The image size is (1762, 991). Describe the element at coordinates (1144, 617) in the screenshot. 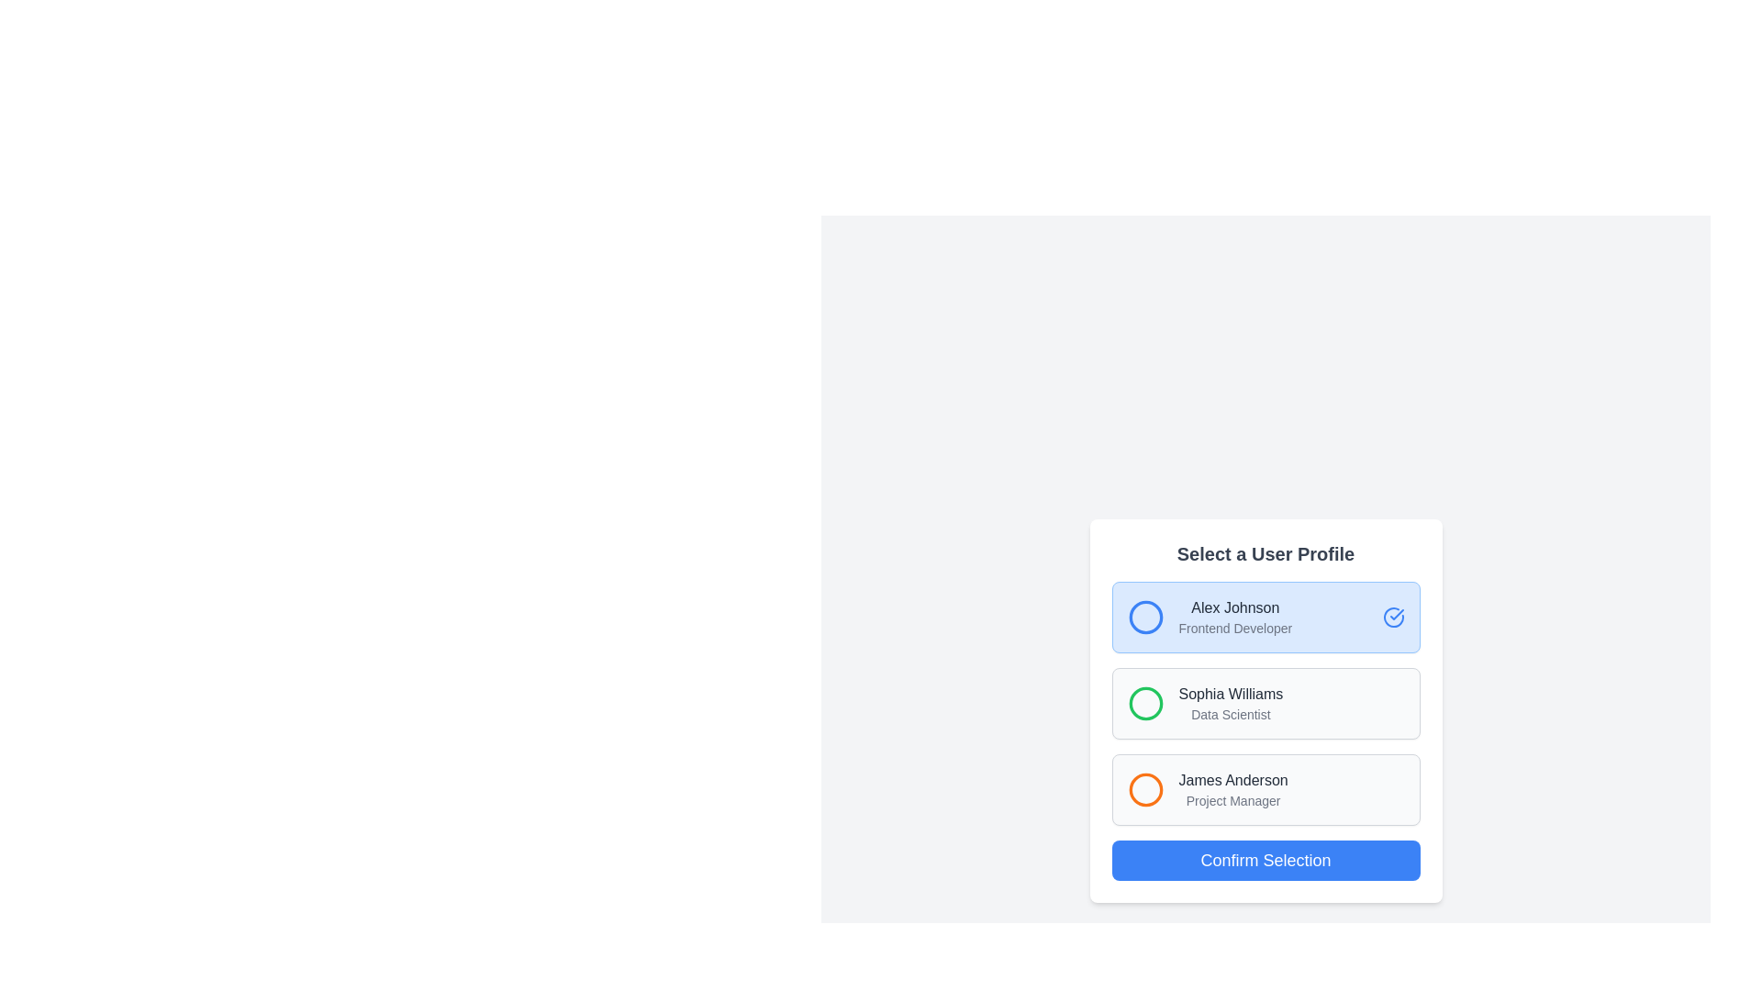

I see `the blue-stroke circle representing the user profile selection for 'Alex Johnson' in the 'Select a User Profile' section` at that location.